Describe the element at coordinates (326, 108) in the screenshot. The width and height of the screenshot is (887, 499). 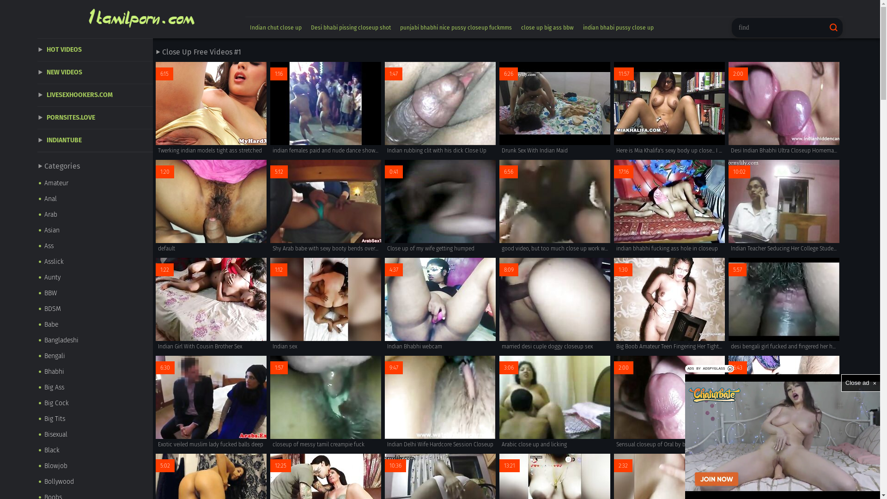
I see `'1:16` at that location.